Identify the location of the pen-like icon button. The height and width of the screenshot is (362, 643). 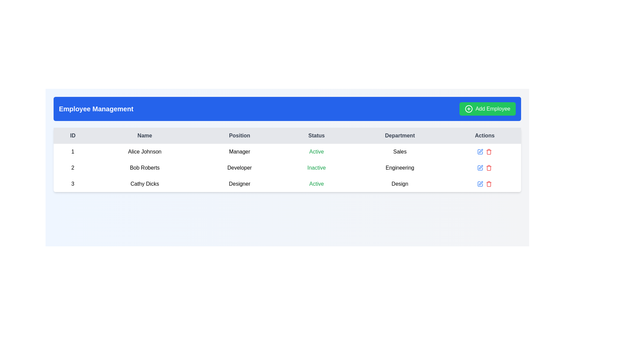
(481, 167).